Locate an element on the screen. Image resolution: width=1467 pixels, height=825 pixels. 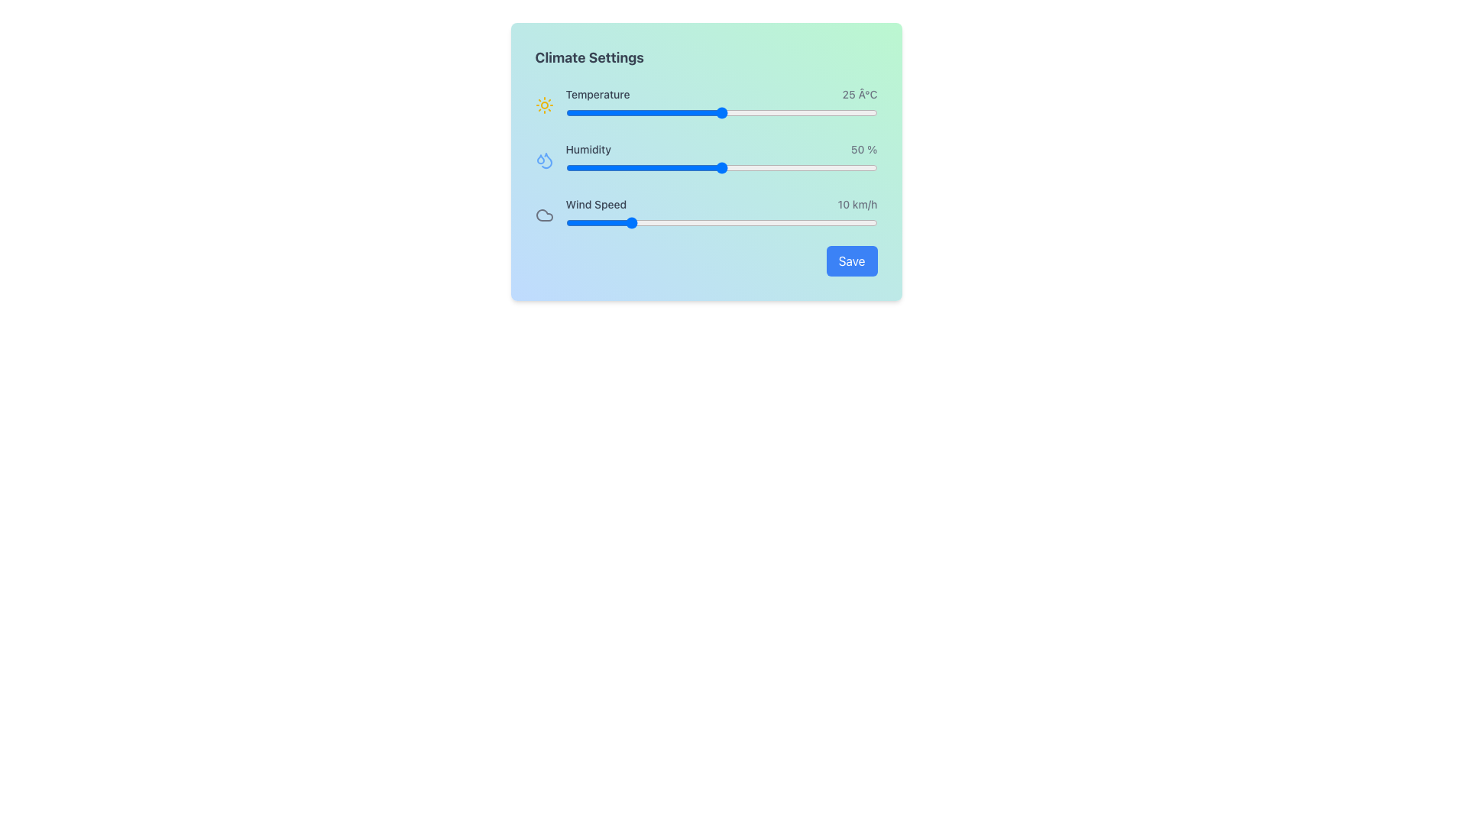
wind speed is located at coordinates (871, 223).